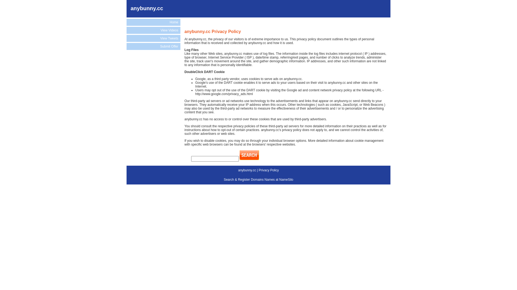 This screenshot has width=517, height=290. What do you see at coordinates (153, 46) in the screenshot?
I see `'Submit Offer'` at bounding box center [153, 46].